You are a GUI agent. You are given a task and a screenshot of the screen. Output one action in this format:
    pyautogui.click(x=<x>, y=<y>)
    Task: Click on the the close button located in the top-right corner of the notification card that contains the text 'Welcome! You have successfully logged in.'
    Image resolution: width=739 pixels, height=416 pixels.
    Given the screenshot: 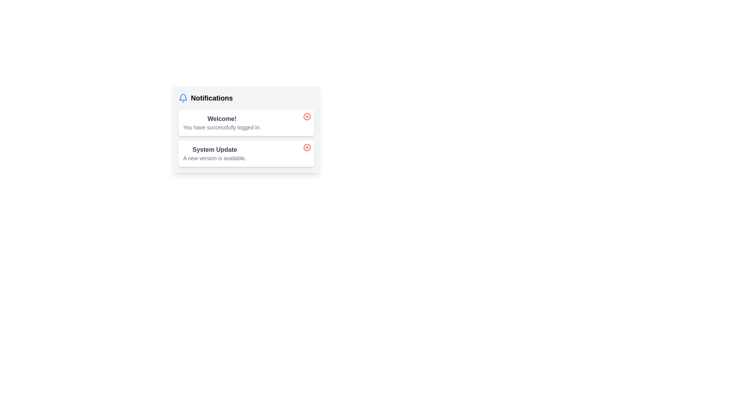 What is the action you would take?
    pyautogui.click(x=306, y=117)
    